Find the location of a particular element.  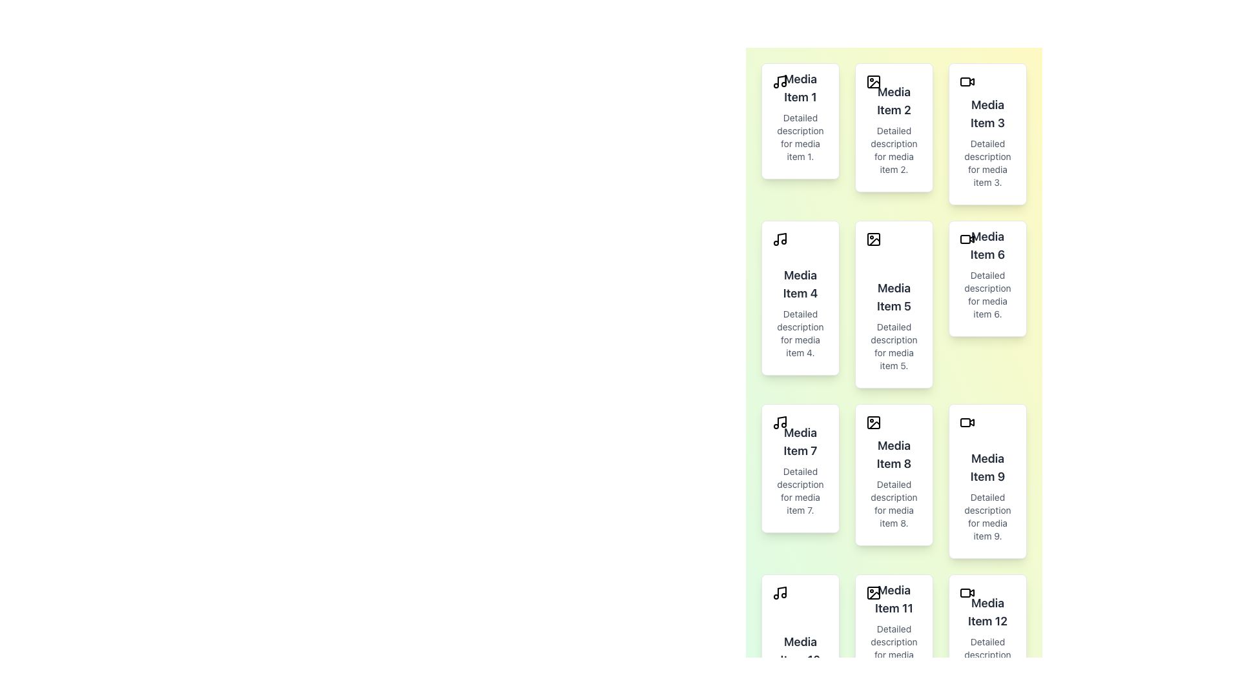

the vector graphic representing a musical note, which is part of an SVG graphic with a black stroke, located to the left of the 'Media Item 1' text in the first column is located at coordinates (781, 80).